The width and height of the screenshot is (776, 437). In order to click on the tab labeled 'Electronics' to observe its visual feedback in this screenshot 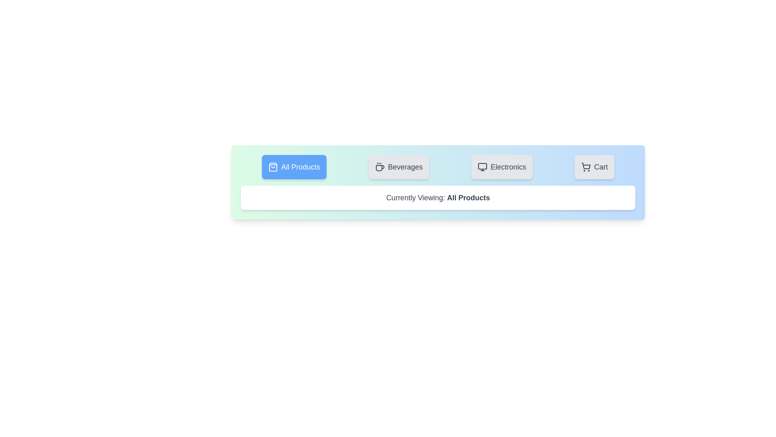, I will do `click(502, 166)`.